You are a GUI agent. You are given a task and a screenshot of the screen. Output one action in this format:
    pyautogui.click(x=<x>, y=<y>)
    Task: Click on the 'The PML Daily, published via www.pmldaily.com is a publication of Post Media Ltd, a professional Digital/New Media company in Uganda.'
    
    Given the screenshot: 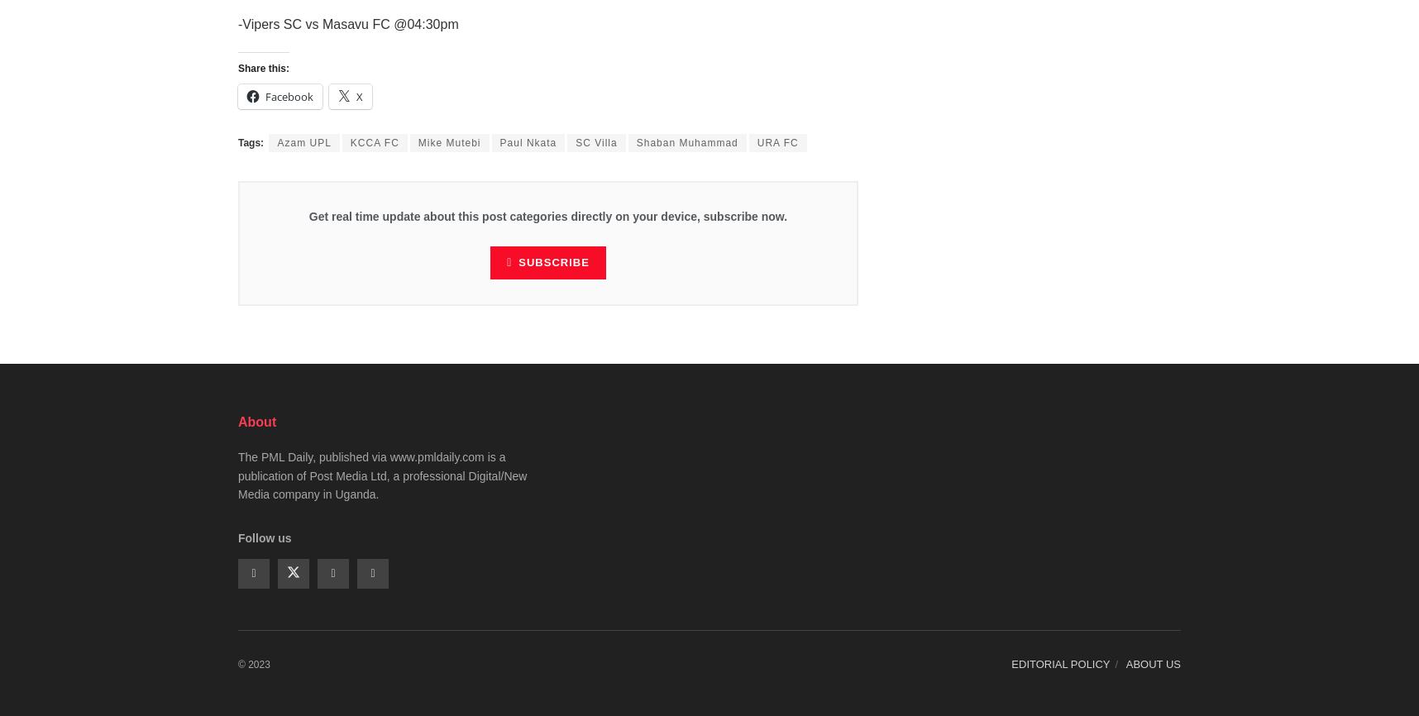 What is the action you would take?
    pyautogui.click(x=381, y=475)
    